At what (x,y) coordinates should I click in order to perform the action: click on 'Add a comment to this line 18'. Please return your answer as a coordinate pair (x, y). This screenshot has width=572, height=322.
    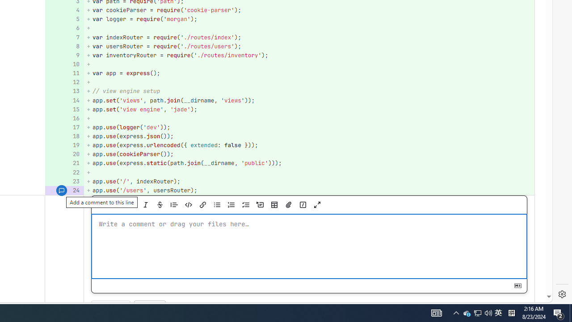
    Looking at the image, I should click on (64, 136).